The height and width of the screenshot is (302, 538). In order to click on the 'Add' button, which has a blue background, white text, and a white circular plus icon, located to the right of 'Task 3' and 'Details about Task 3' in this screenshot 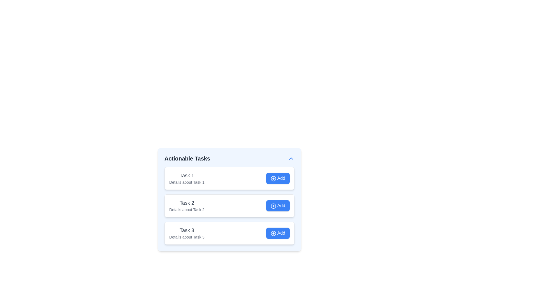, I will do `click(278, 233)`.